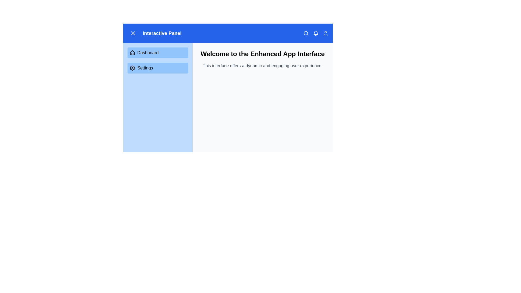  What do you see at coordinates (306, 33) in the screenshot?
I see `the decorative vector graphic component representing the lens of the search icon located at the top-right corner of the header bar` at bounding box center [306, 33].